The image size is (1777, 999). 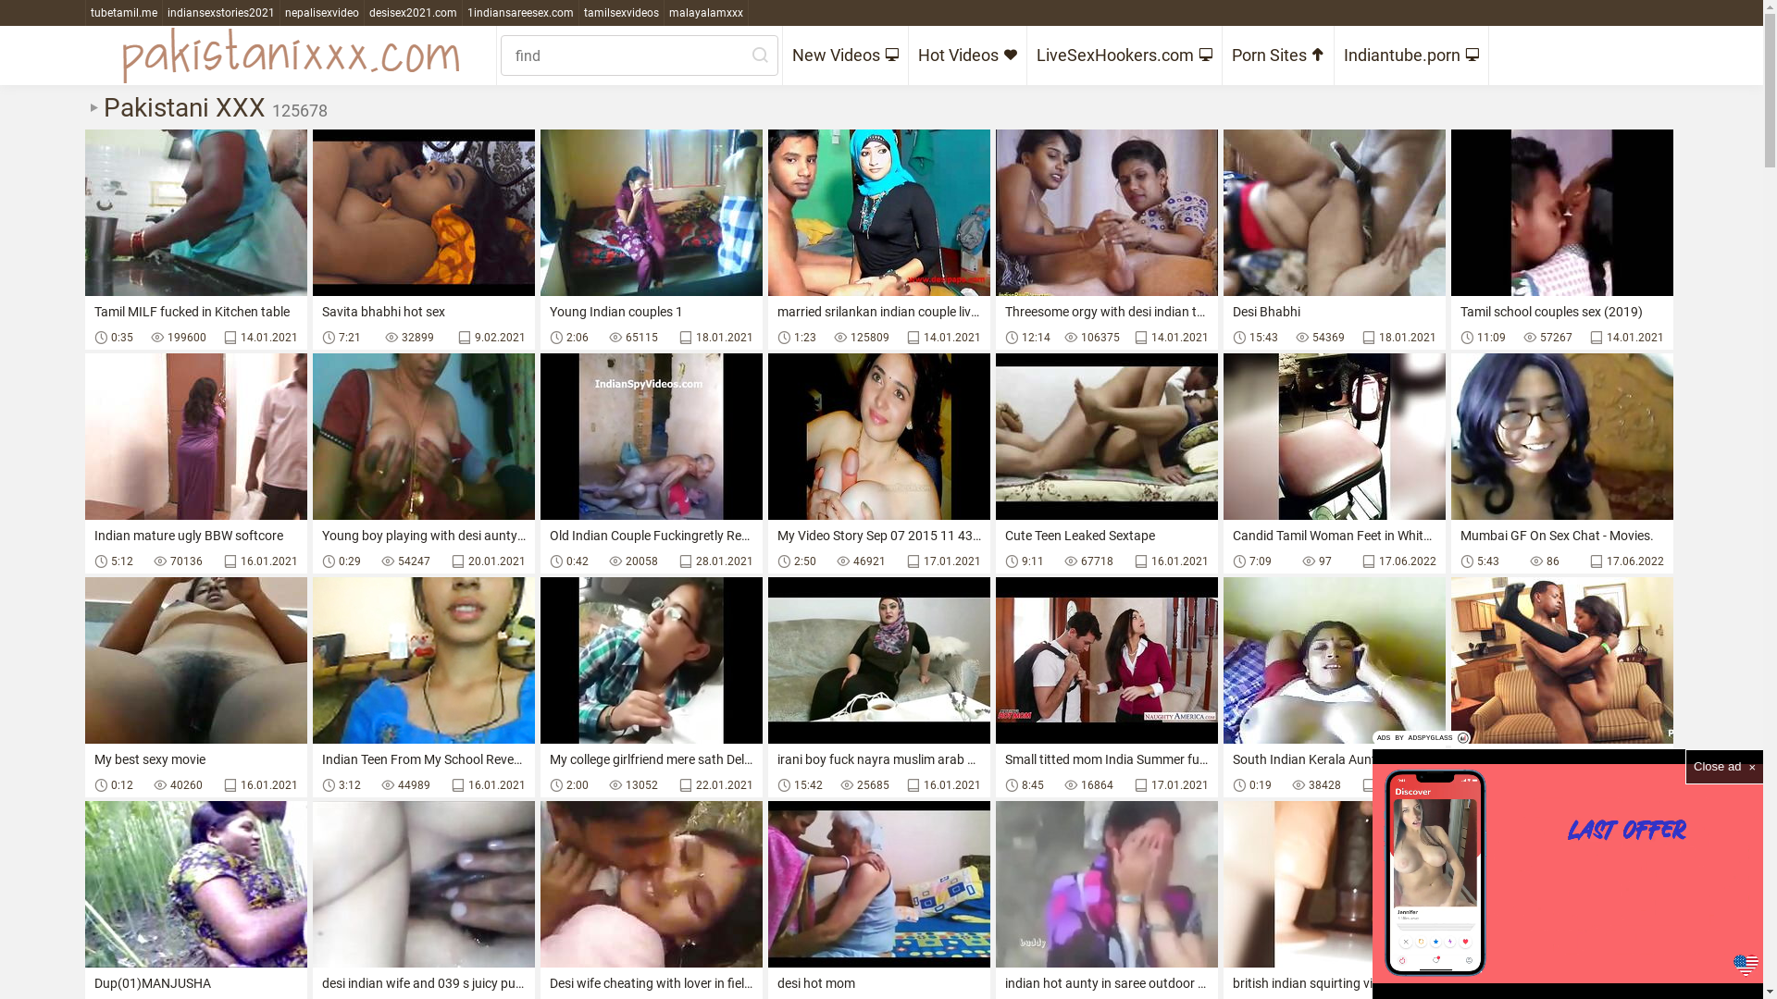 What do you see at coordinates (1276, 55) in the screenshot?
I see `'Porn Sites'` at bounding box center [1276, 55].